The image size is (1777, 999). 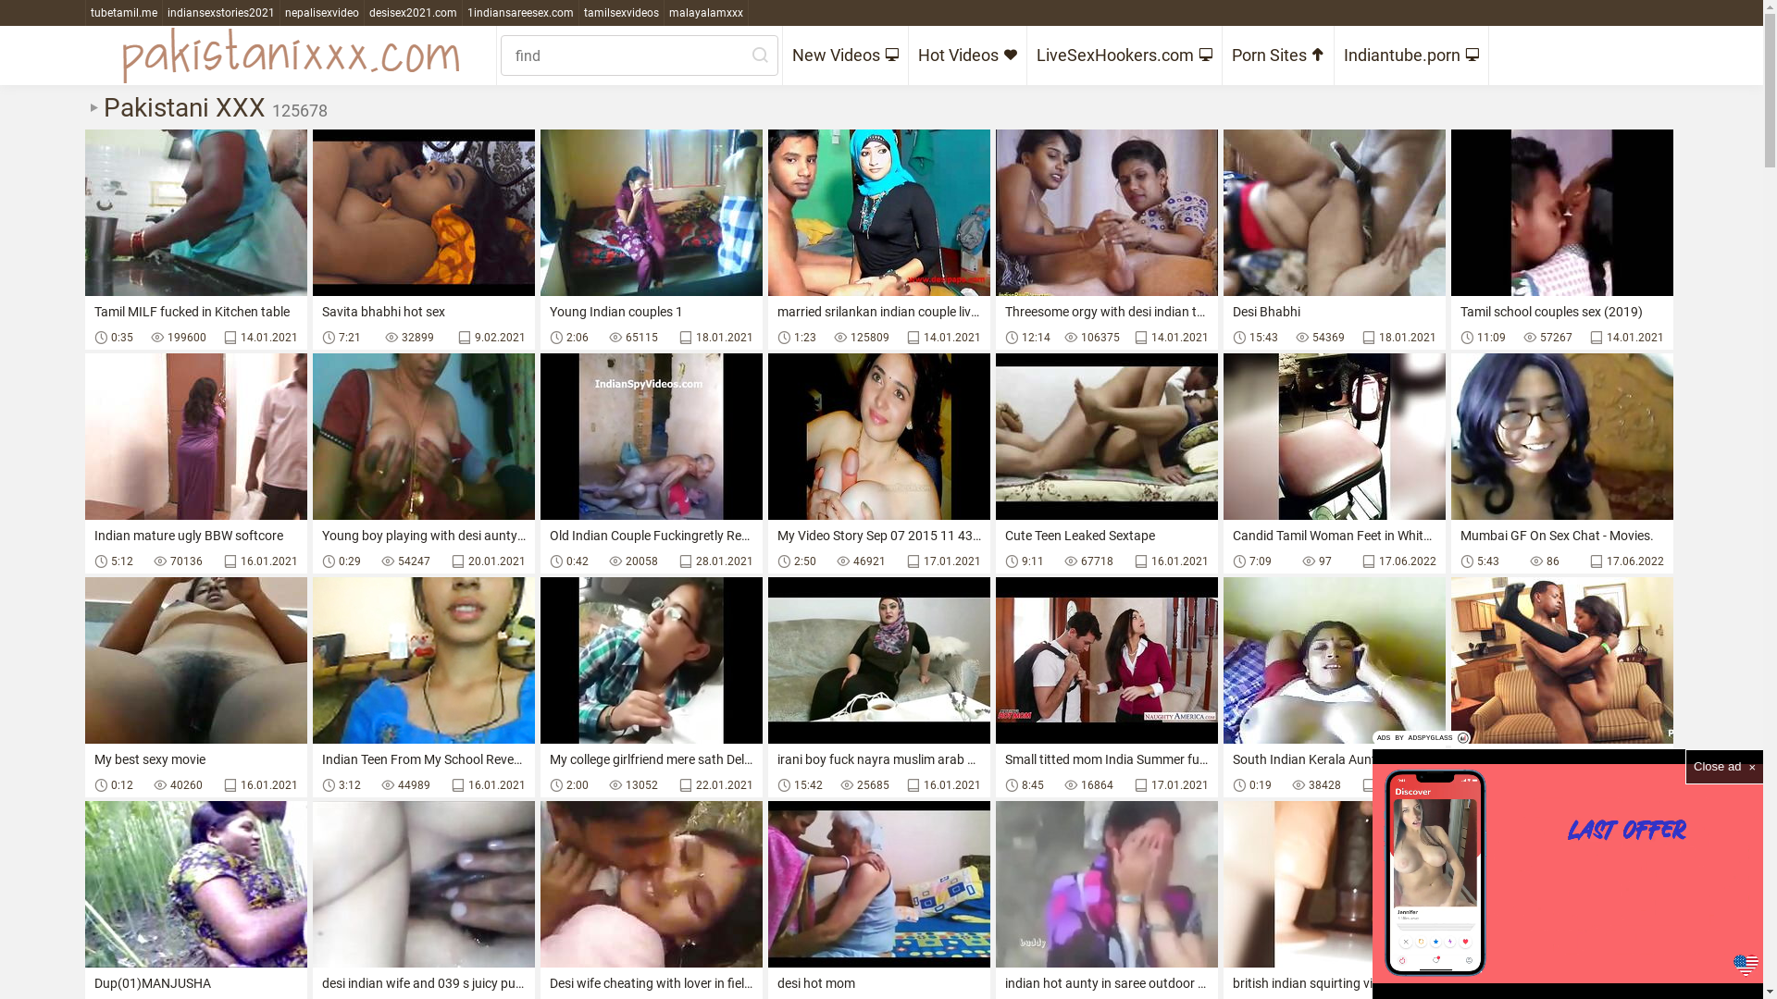 What do you see at coordinates (1276, 55) in the screenshot?
I see `'Porn Sites'` at bounding box center [1276, 55].